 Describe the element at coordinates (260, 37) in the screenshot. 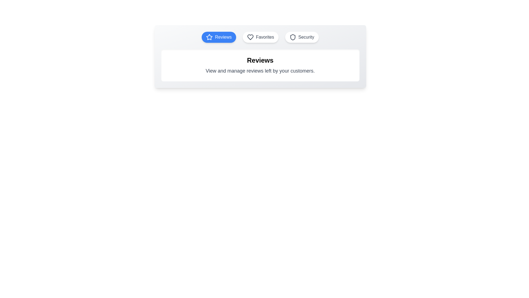

I see `the 'Favorites' tab to switch to its content` at that location.